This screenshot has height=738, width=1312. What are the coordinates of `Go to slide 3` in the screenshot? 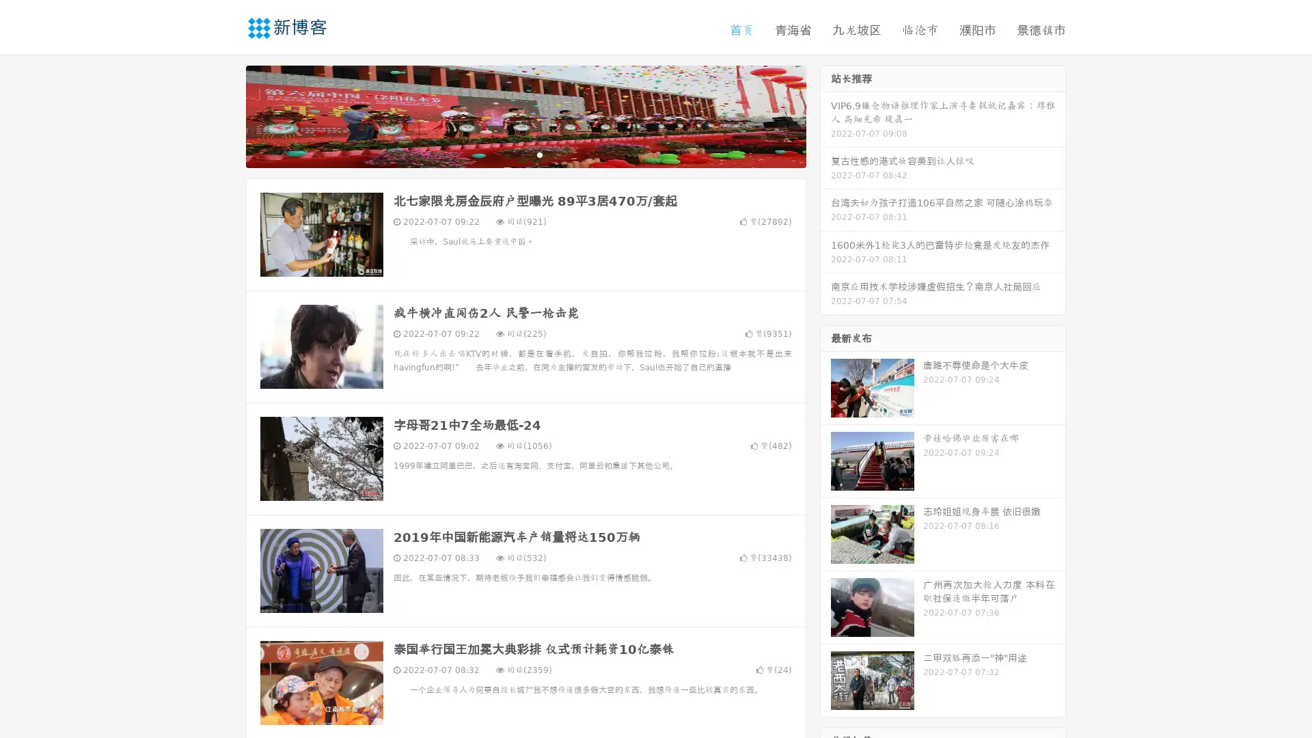 It's located at (539, 154).